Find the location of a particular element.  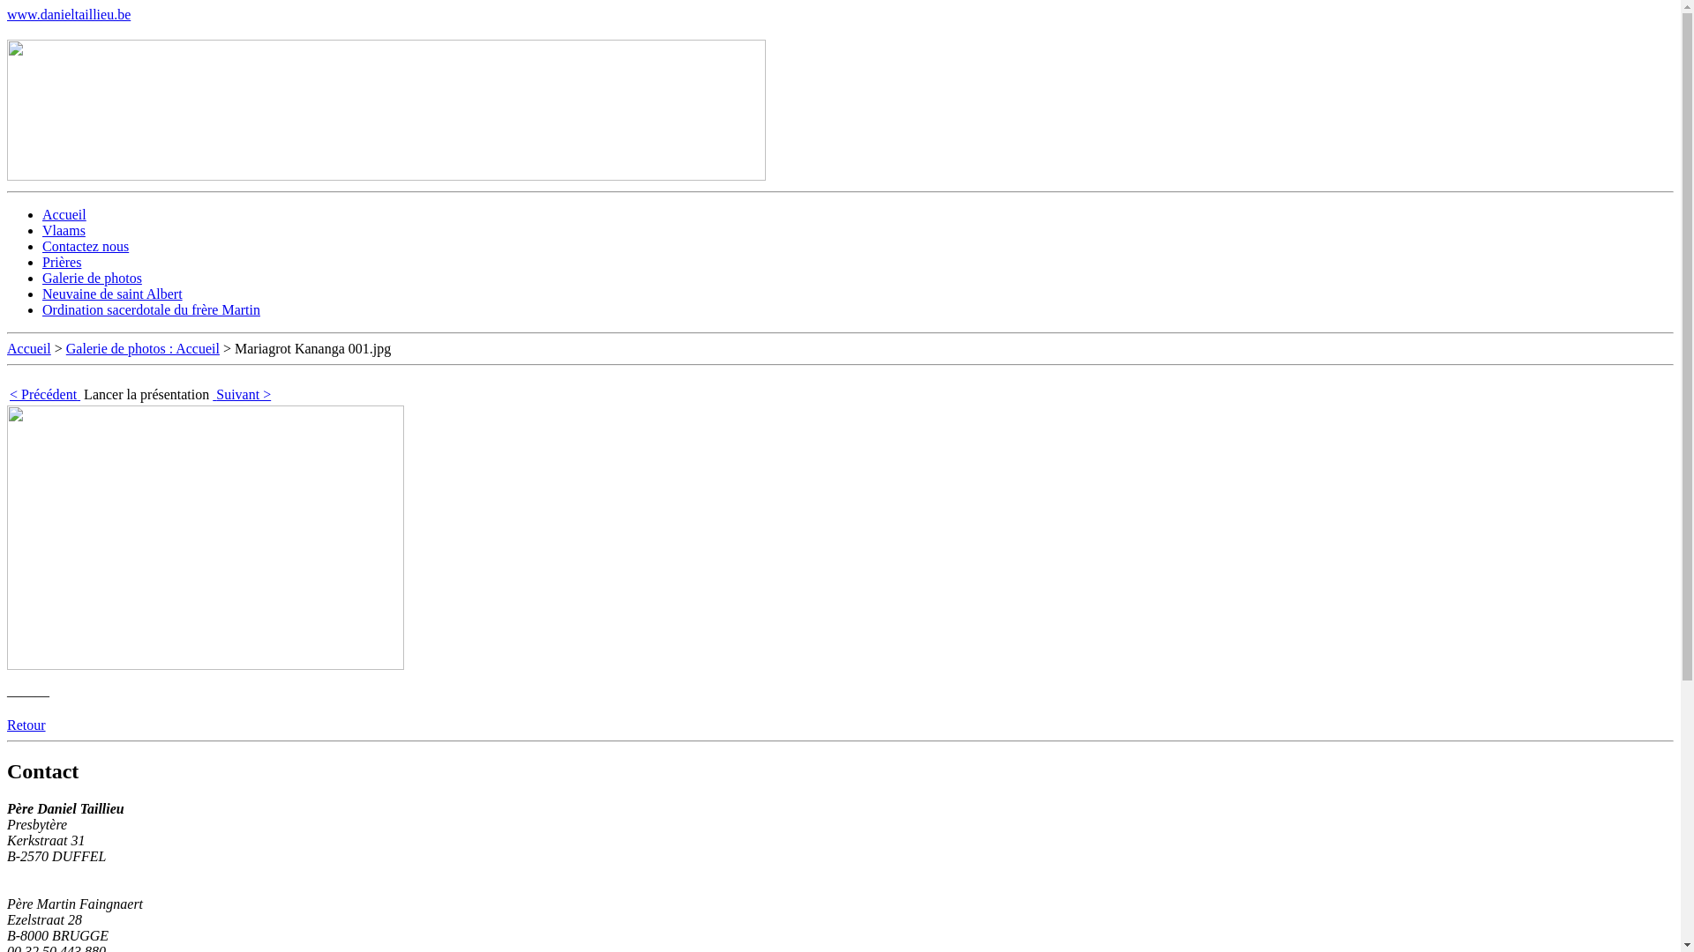

'Vlaams' is located at coordinates (64, 229).